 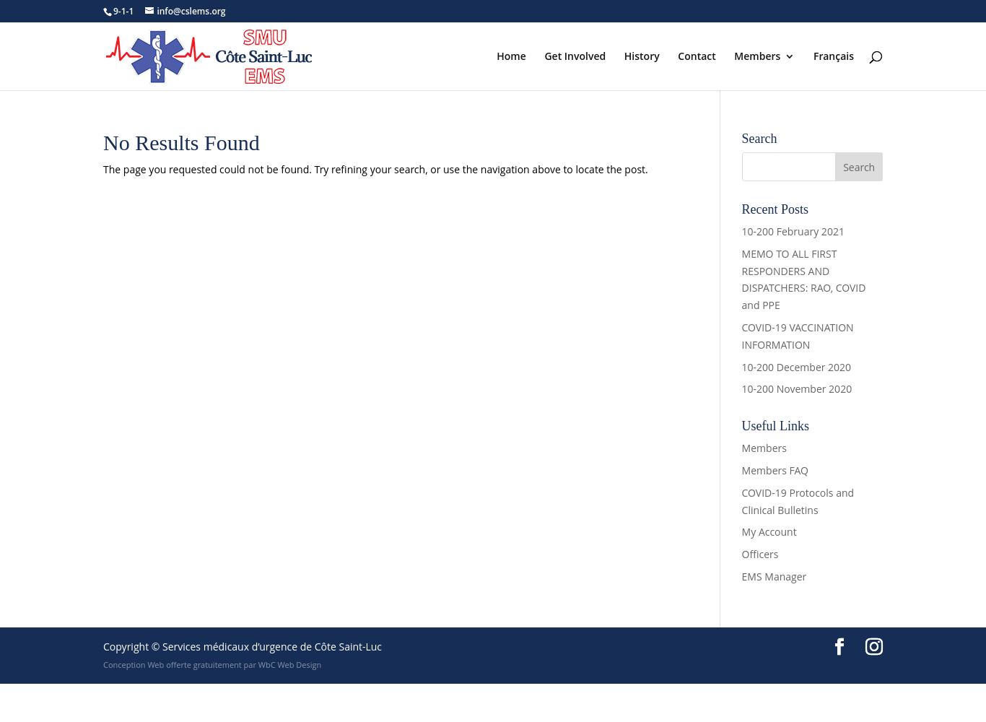 What do you see at coordinates (758, 138) in the screenshot?
I see `'Search'` at bounding box center [758, 138].